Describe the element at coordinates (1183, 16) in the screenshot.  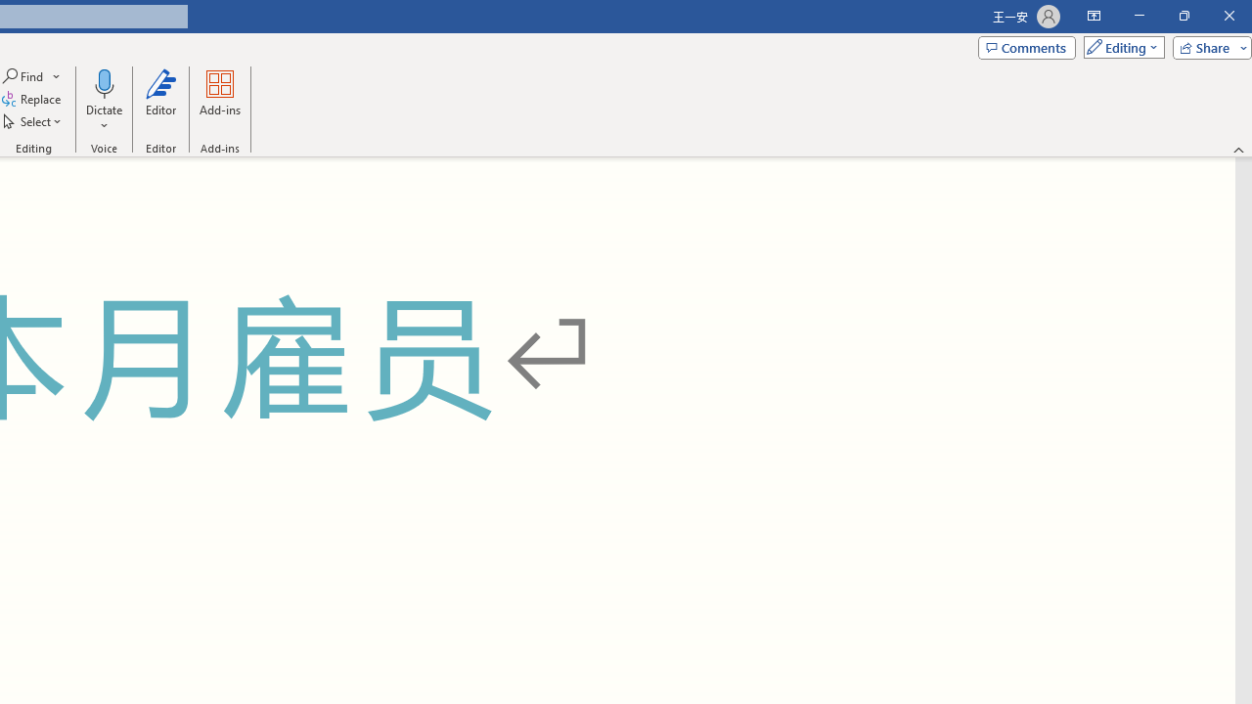
I see `'Restore Down'` at that location.